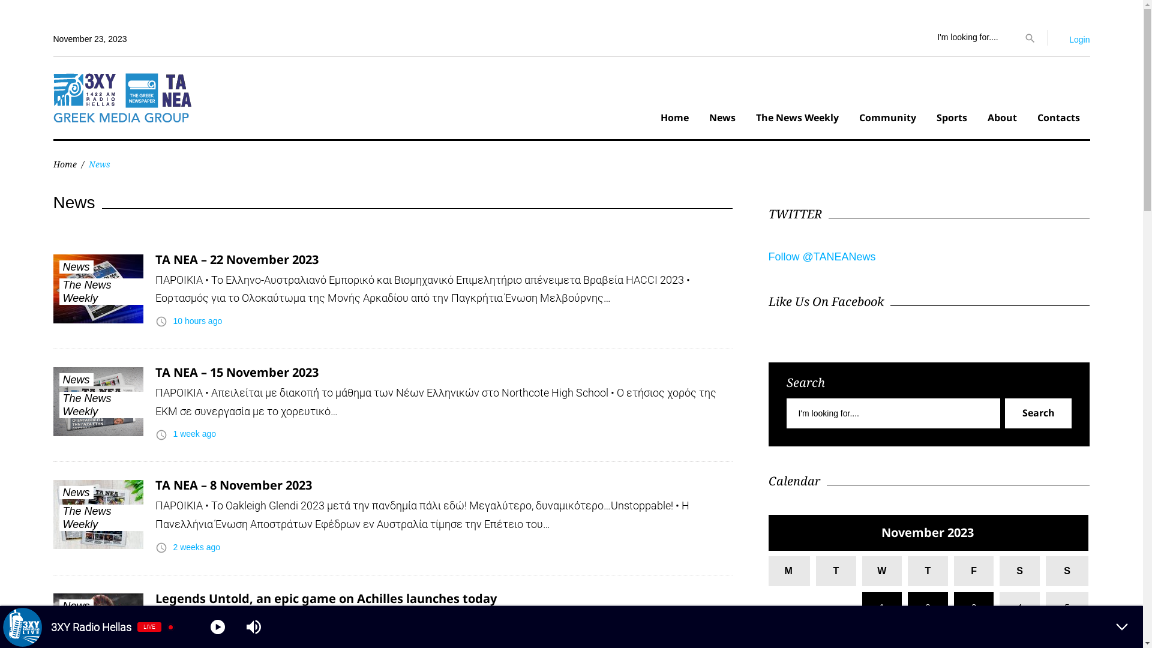 The image size is (1152, 648). Describe the element at coordinates (194, 433) in the screenshot. I see `'1 week ago'` at that location.